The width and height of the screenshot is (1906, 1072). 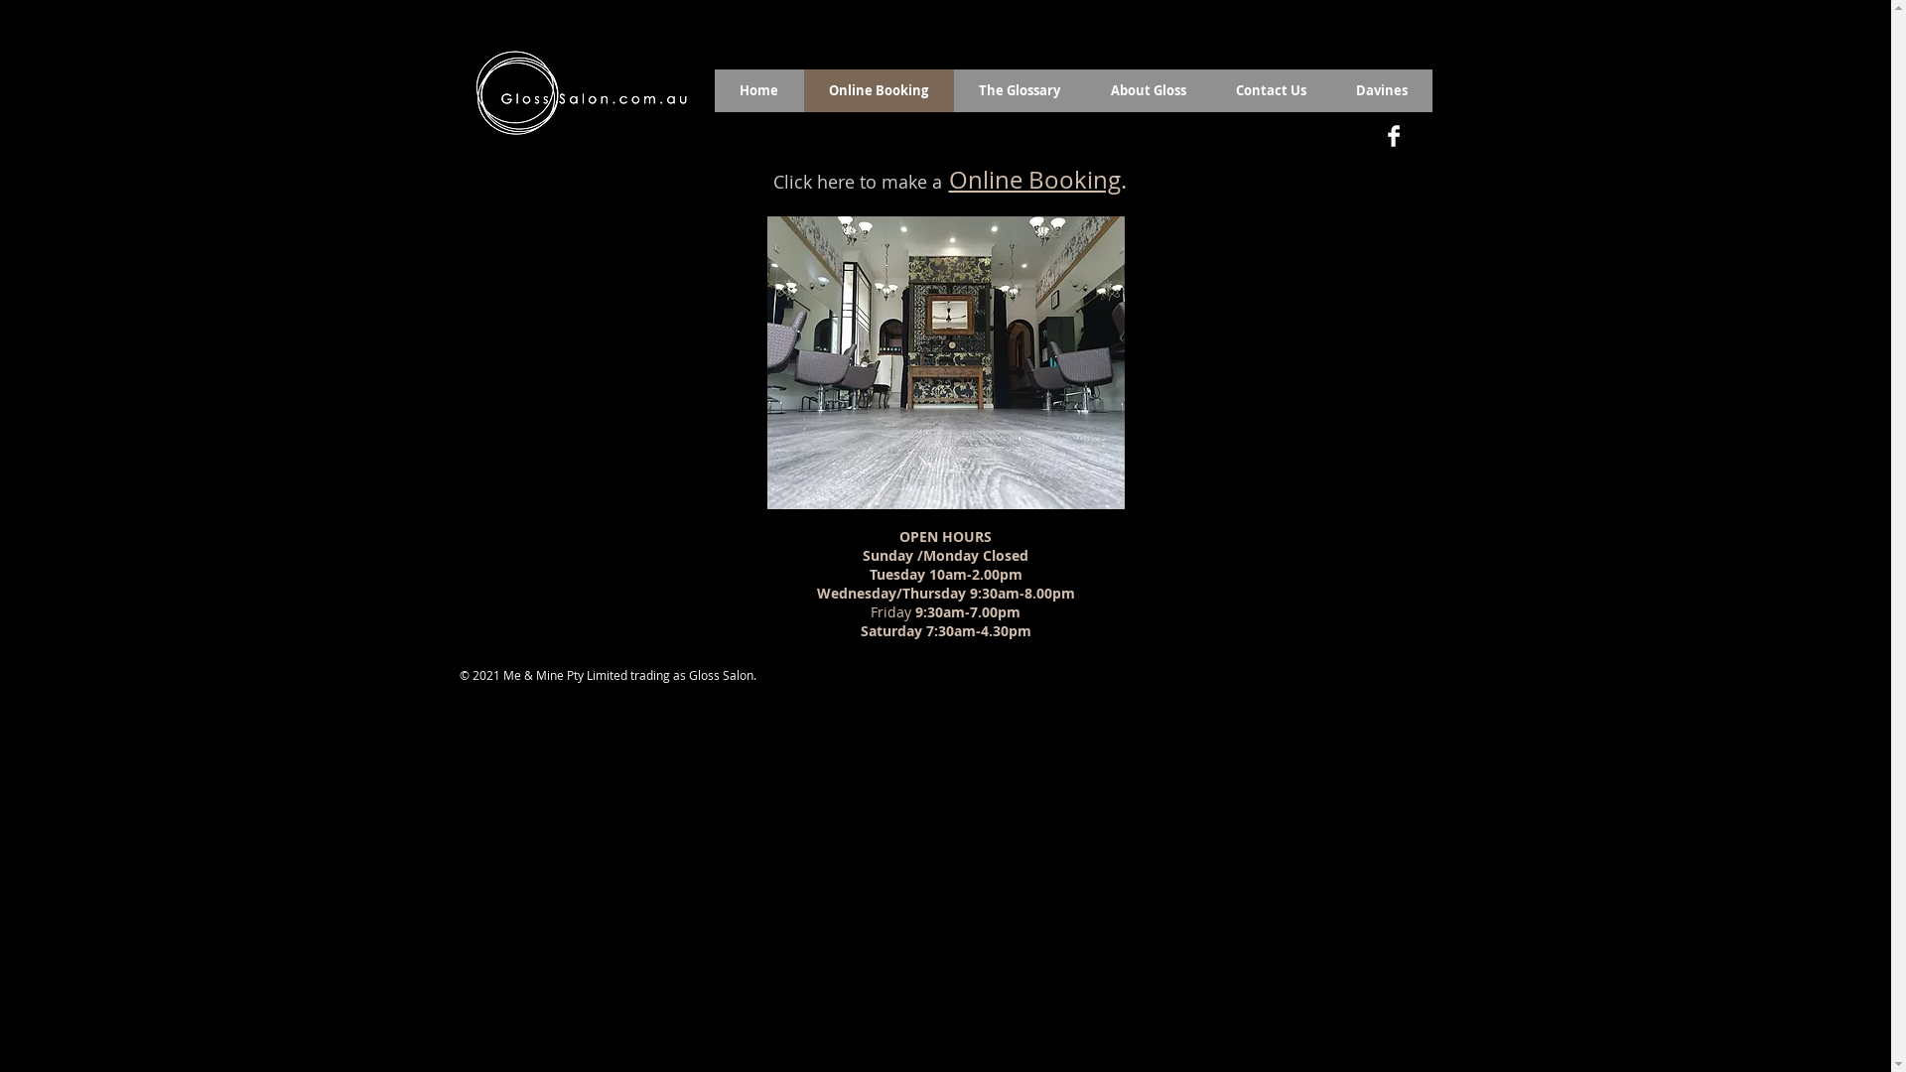 I want to click on 'Davines', so click(x=1380, y=90).